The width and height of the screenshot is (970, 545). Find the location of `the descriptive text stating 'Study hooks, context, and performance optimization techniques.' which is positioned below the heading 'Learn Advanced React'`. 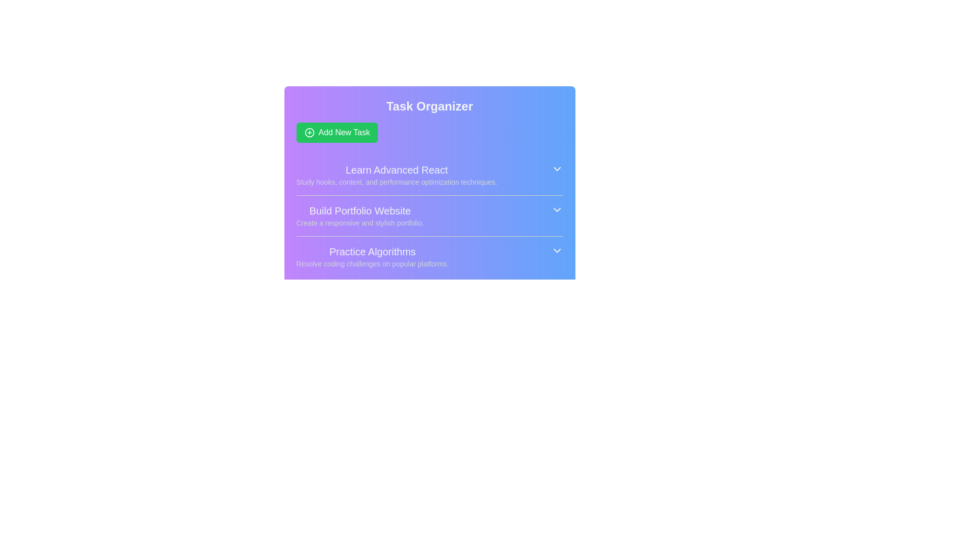

the descriptive text stating 'Study hooks, context, and performance optimization techniques.' which is positioned below the heading 'Learn Advanced React' is located at coordinates (396, 182).